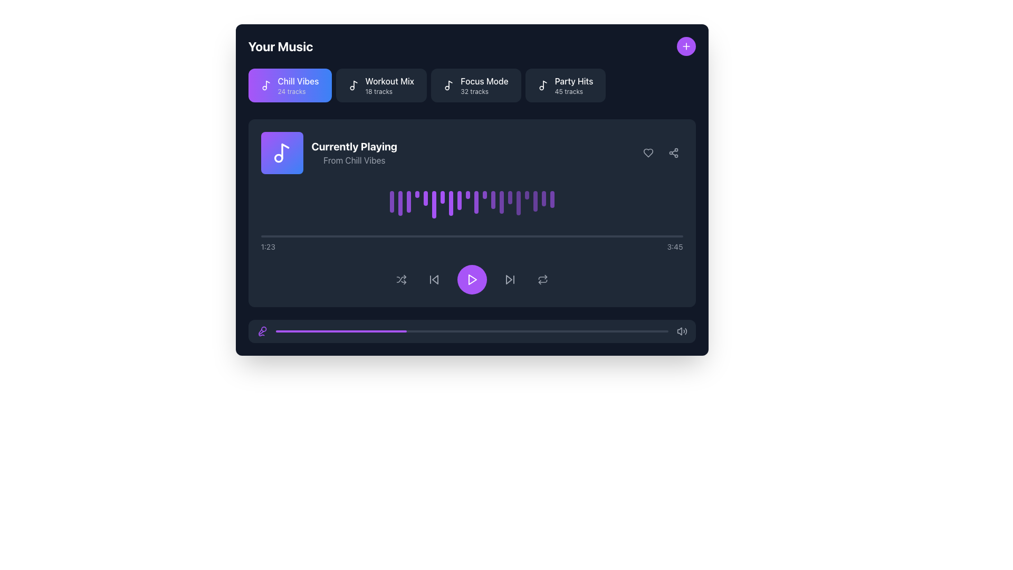 The height and width of the screenshot is (570, 1013). Describe the element at coordinates (467, 195) in the screenshot. I see `the 10th vertical purple bar in the audio waveform visualization, which is one of the smallest bars in a series of 20, located centrally below the 'Currently Playing' section` at that location.